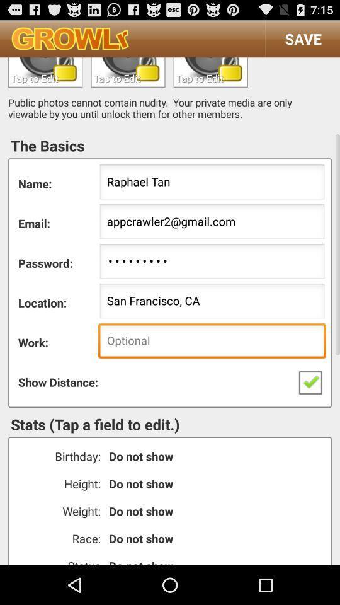 The image size is (340, 605). What do you see at coordinates (127, 72) in the screenshot?
I see `text to profile workplace` at bounding box center [127, 72].